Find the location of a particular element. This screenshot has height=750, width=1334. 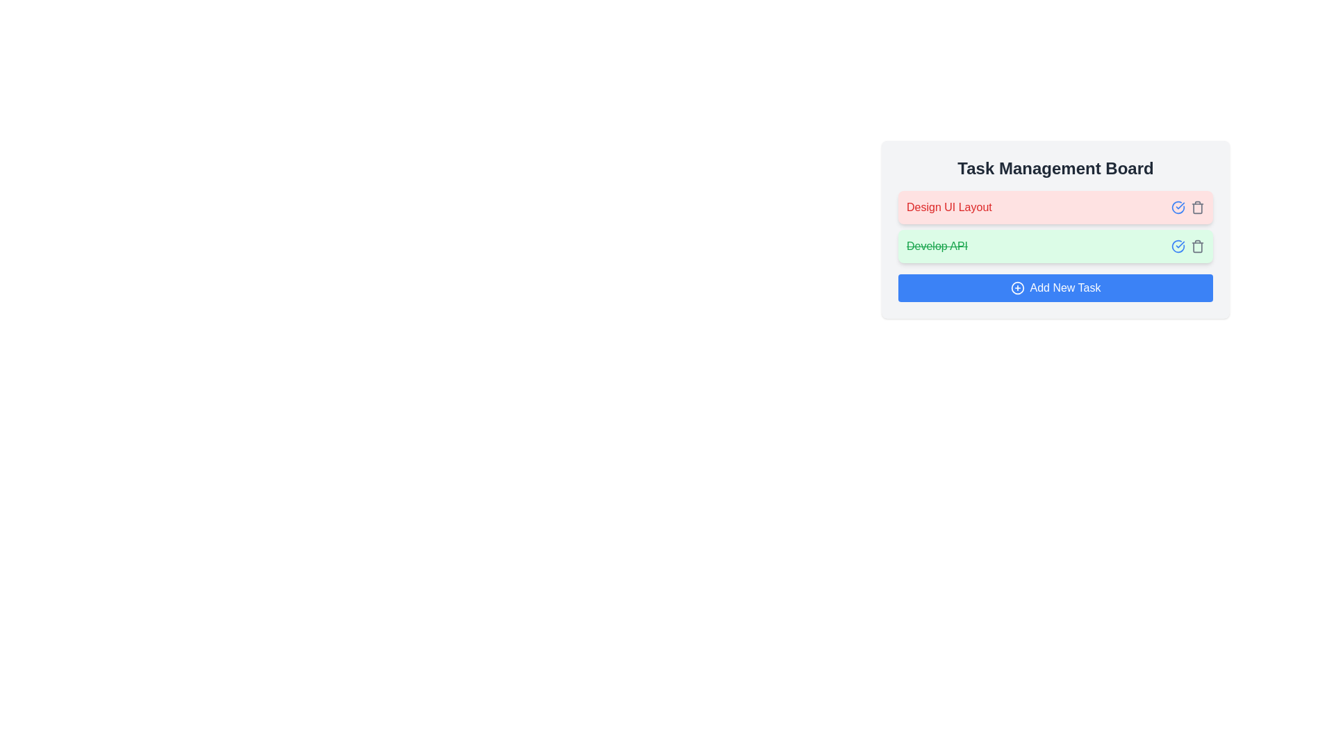

the status icon located on the right side of the 'Develop API' task entry in the task management board is located at coordinates (1177, 245).